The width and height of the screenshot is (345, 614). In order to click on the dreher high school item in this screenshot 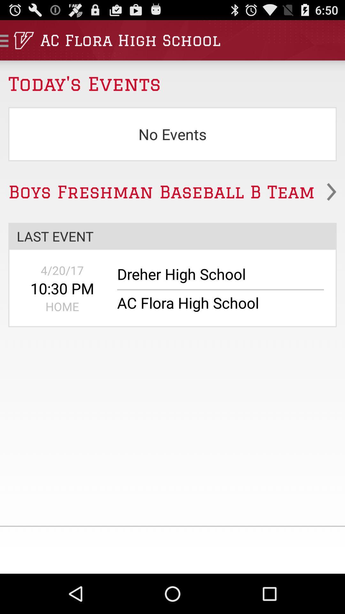, I will do `click(216, 277)`.